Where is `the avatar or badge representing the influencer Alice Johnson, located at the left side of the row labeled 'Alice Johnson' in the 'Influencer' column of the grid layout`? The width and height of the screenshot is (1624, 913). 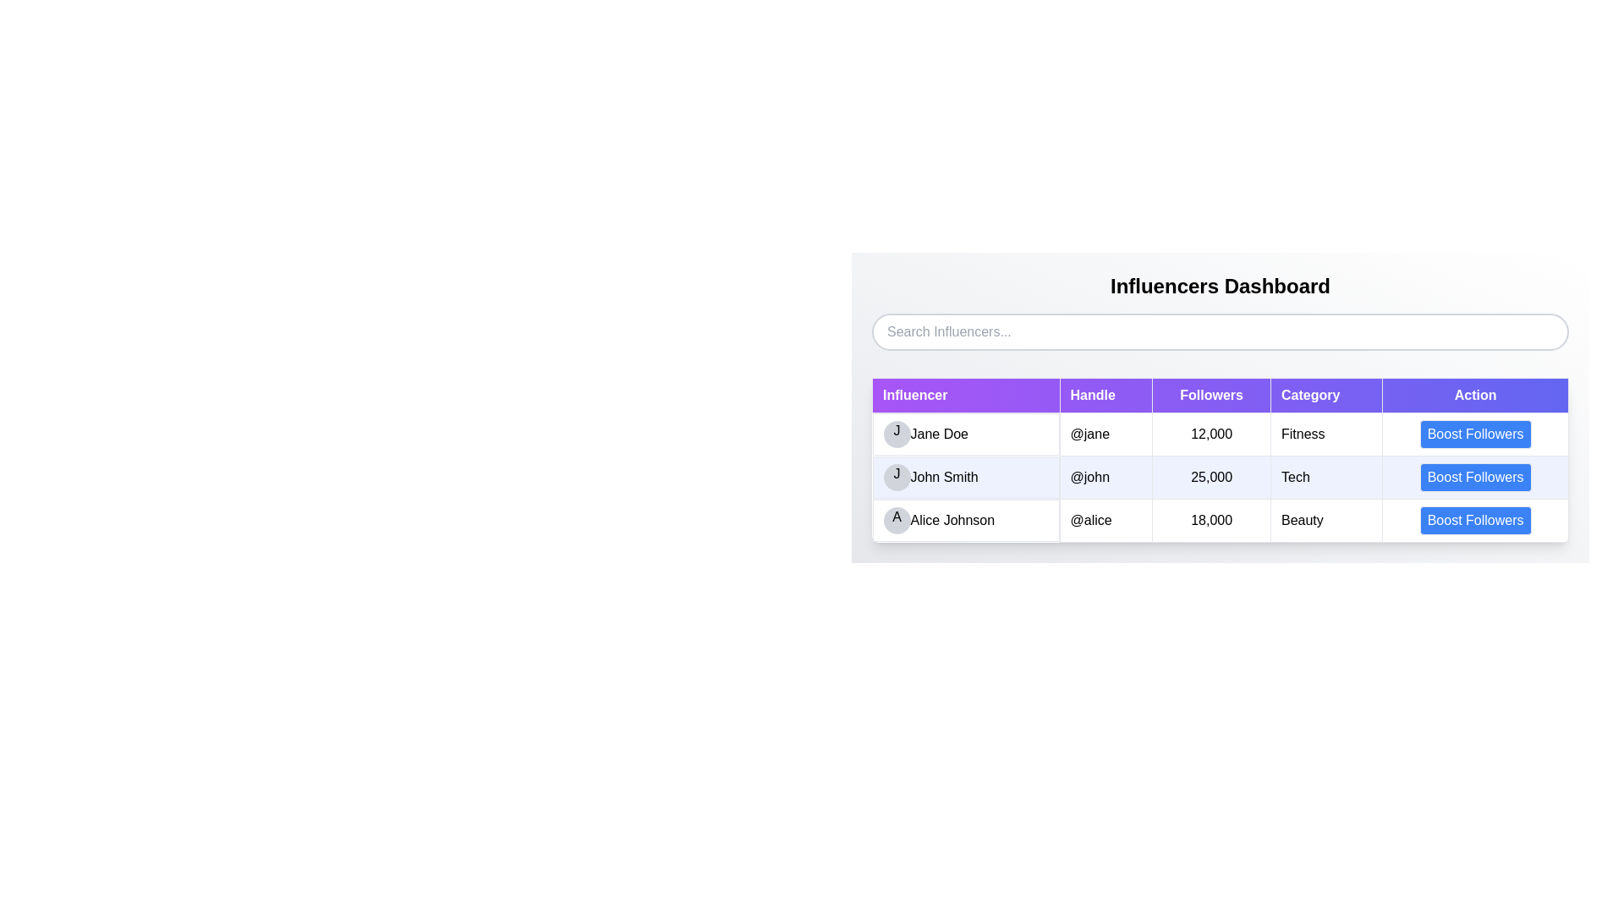 the avatar or badge representing the influencer Alice Johnson, located at the left side of the row labeled 'Alice Johnson' in the 'Influencer' column of the grid layout is located at coordinates (896, 519).